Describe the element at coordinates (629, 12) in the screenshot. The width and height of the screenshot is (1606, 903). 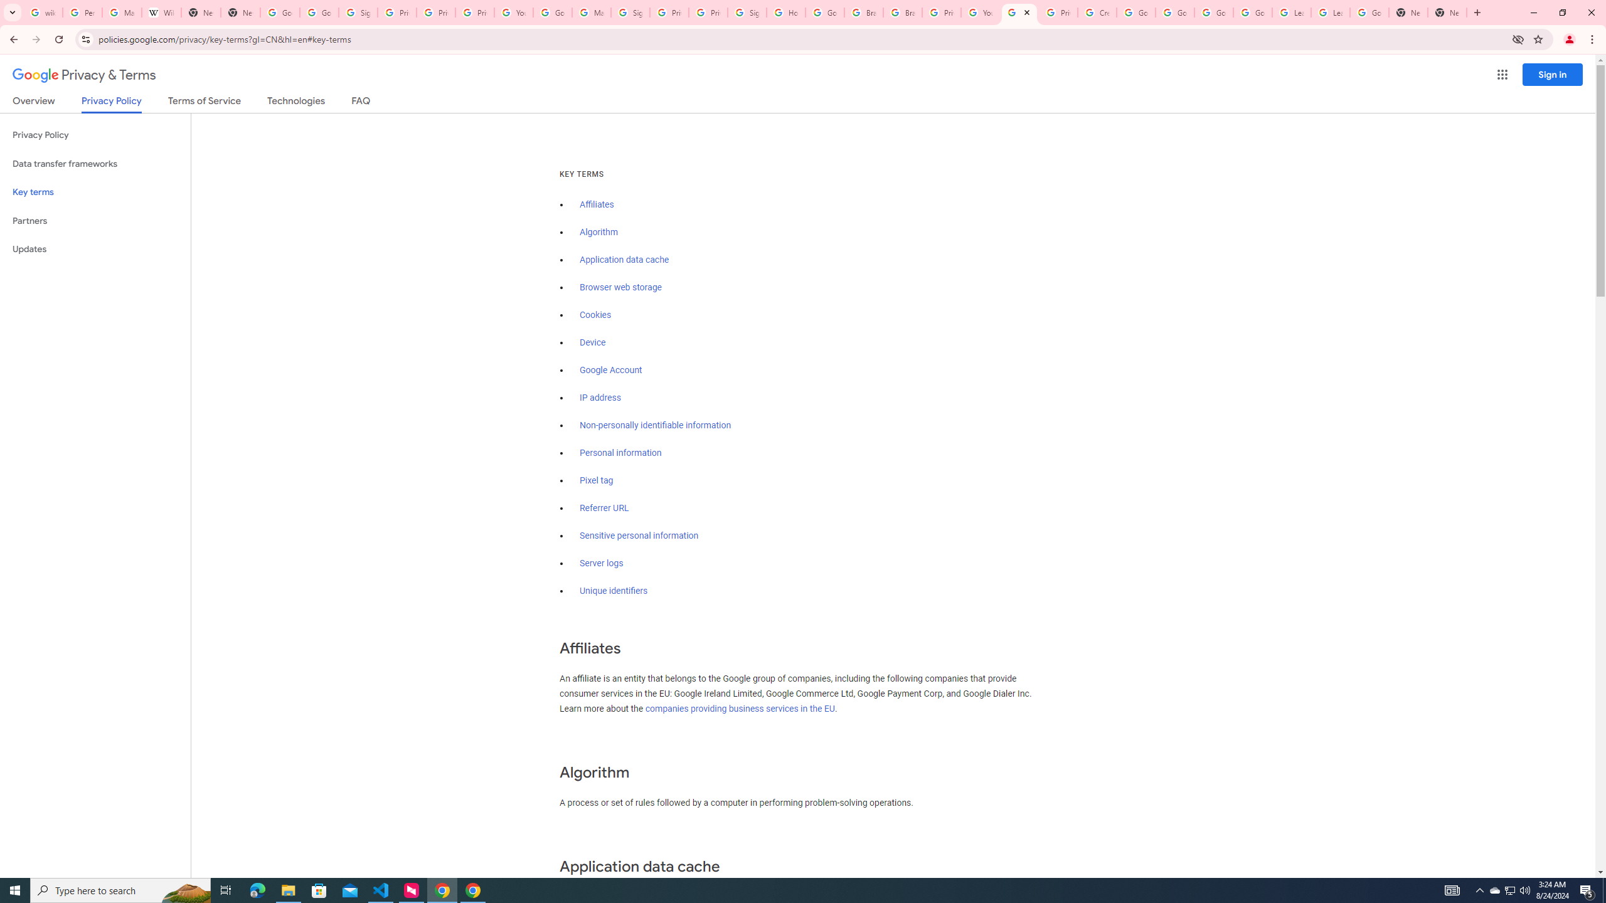
I see `'Sign in - Google Accounts'` at that location.